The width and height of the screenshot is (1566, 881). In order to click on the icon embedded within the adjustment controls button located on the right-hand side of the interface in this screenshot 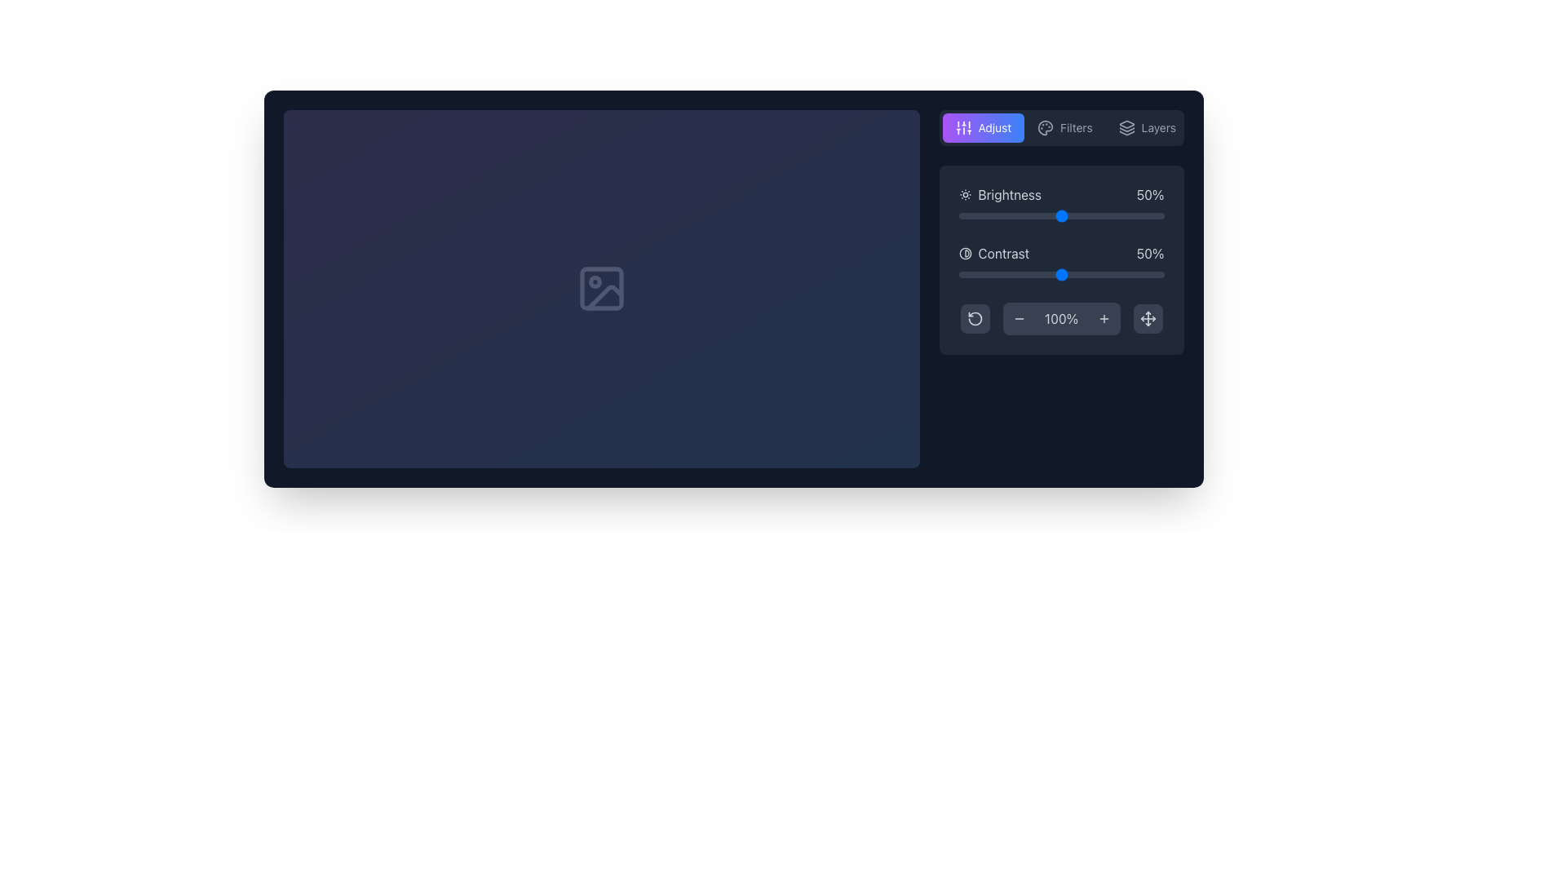, I will do `click(1147, 318)`.